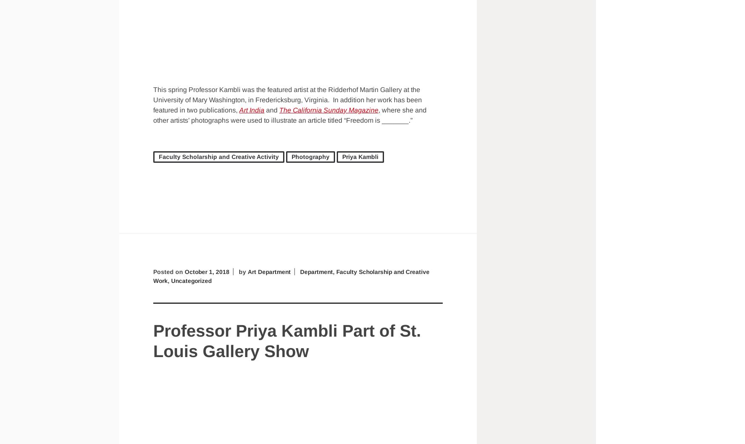 This screenshot has height=444, width=745. What do you see at coordinates (287, 99) in the screenshot?
I see `'This spring Professor Kambli was the featured artist at the Ridderhof Martin Gallery at the University of Mary Washington, in Fredericksburg, Virginia.  In addition her work has been featured in two publications,'` at bounding box center [287, 99].